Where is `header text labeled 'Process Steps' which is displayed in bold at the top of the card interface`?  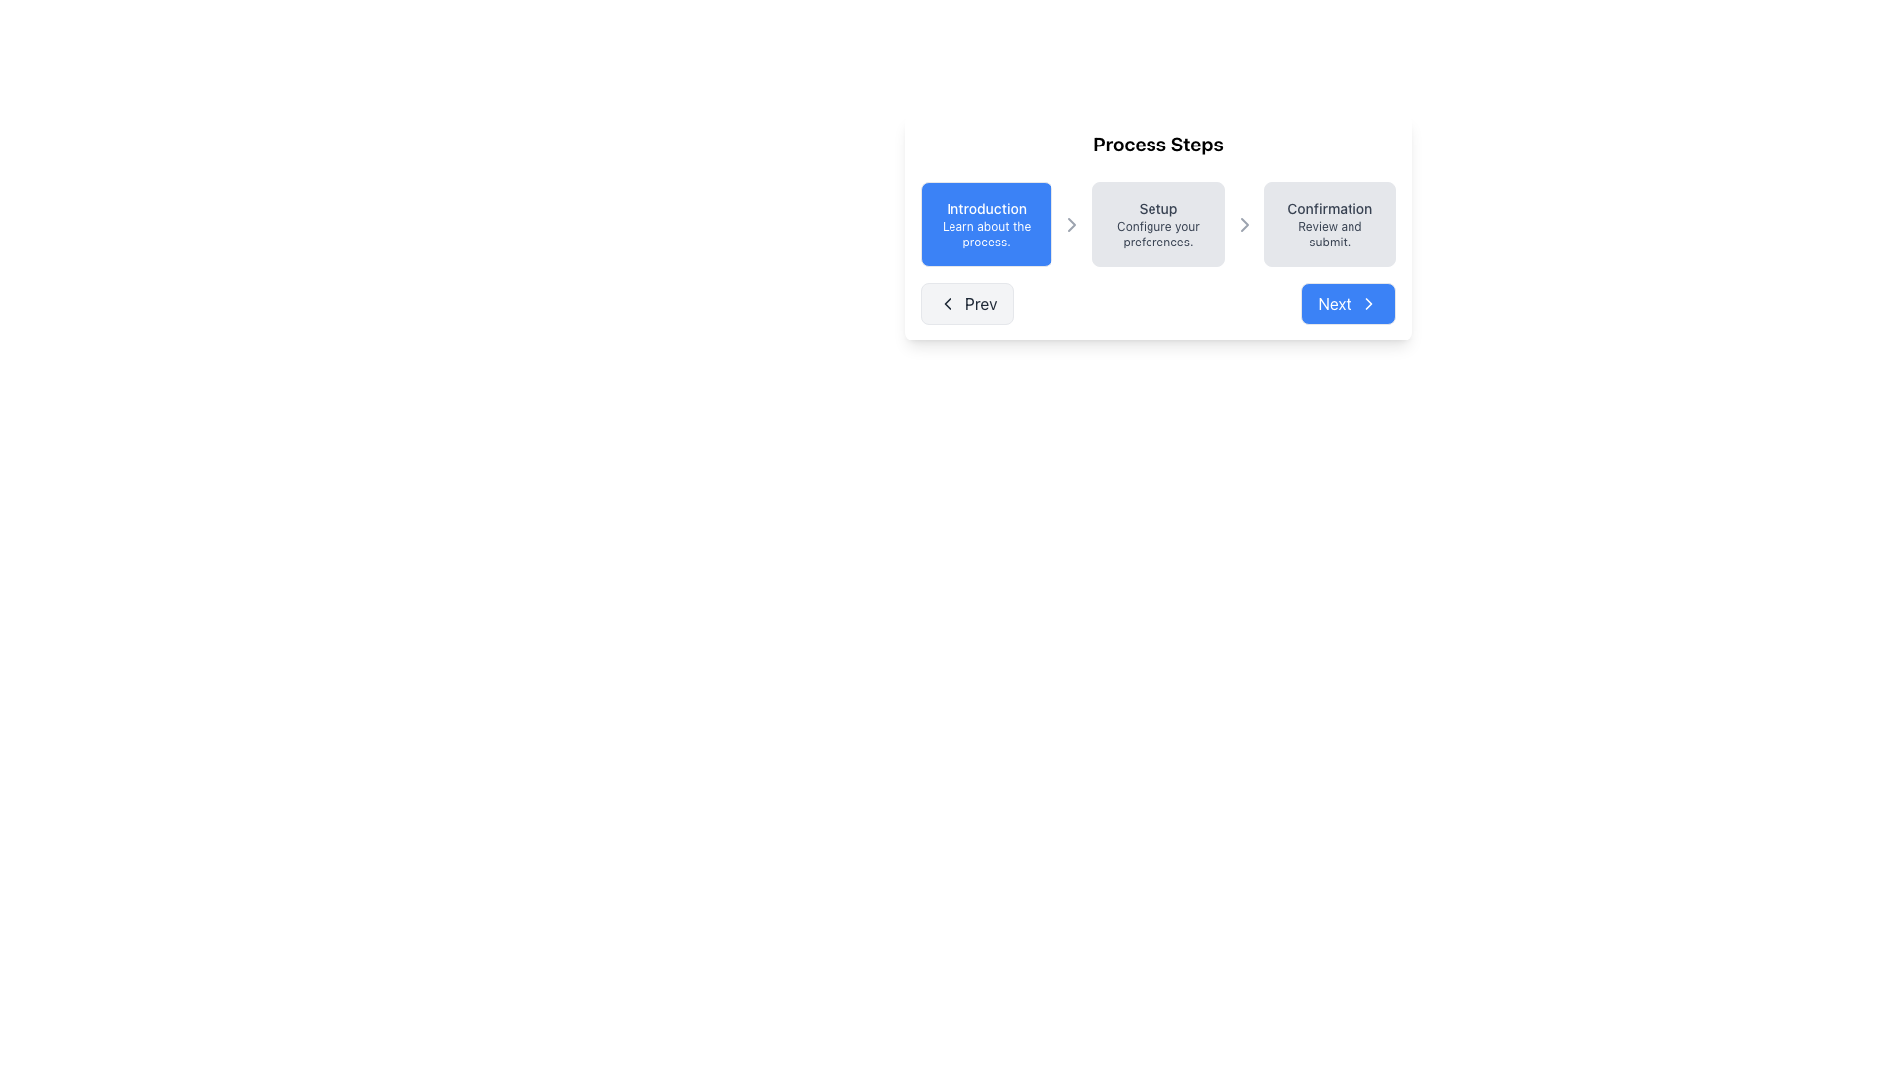 header text labeled 'Process Steps' which is displayed in bold at the top of the card interface is located at coordinates (1158, 144).